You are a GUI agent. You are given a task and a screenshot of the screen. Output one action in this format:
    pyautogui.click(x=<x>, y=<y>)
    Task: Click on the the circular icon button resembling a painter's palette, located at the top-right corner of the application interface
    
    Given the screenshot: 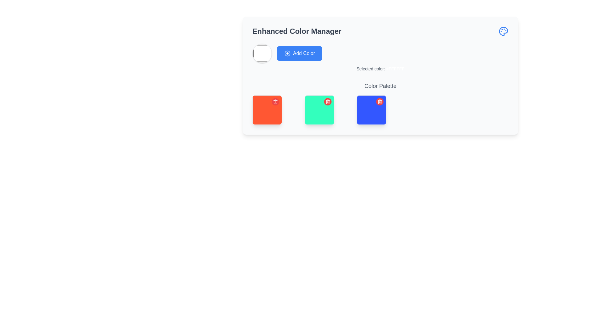 What is the action you would take?
    pyautogui.click(x=504, y=31)
    